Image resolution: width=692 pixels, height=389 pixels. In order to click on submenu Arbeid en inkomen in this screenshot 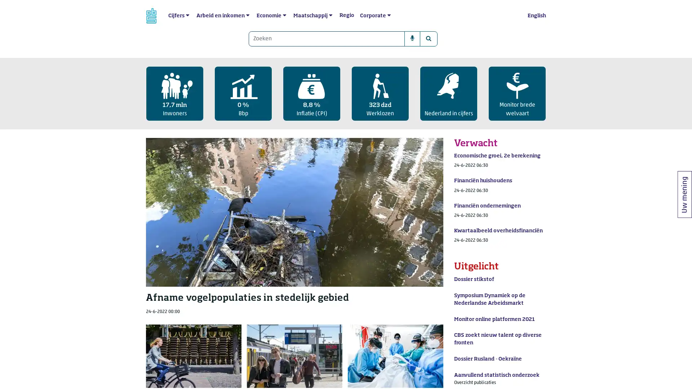, I will do `click(248, 15)`.